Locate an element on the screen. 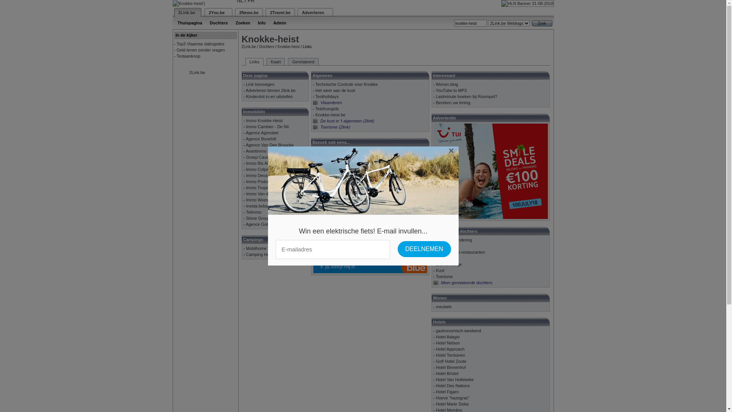 This screenshot has width=732, height=412. 'Kinderslot in-en uitstellen' is located at coordinates (246, 96).